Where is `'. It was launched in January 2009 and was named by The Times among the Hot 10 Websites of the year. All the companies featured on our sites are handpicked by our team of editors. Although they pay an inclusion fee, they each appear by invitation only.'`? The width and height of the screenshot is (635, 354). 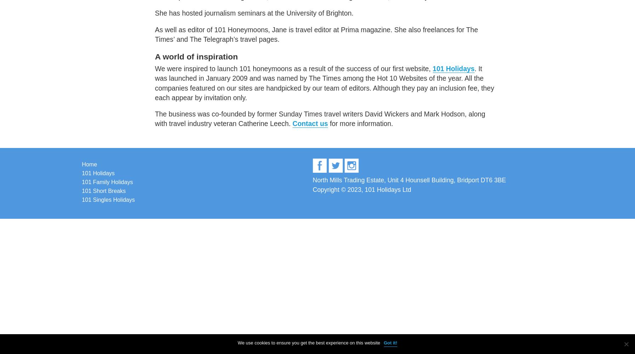 '. It was launched in January 2009 and was named by The Times among the Hot 10 Websites of the year. All the companies featured on our sites are handpicked by our team of editors. Although they pay an inclusion fee, they each appear by invitation only.' is located at coordinates (324, 82).